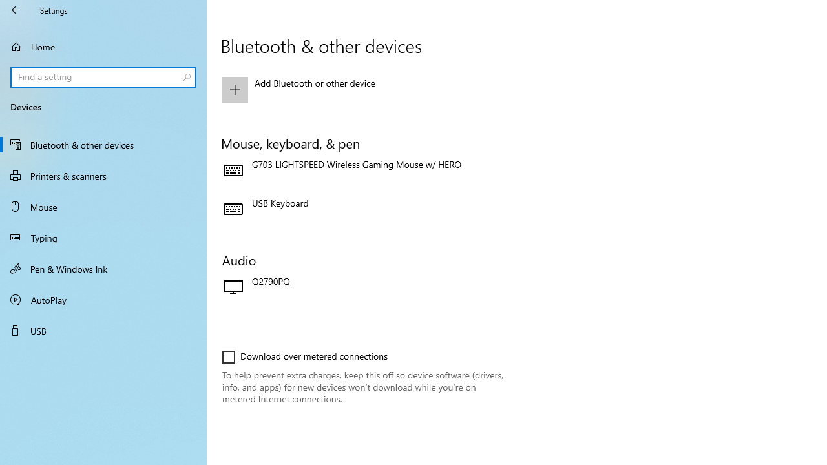 This screenshot has height=465, width=827. Describe the element at coordinates (103, 329) in the screenshot. I see `'USB'` at that location.